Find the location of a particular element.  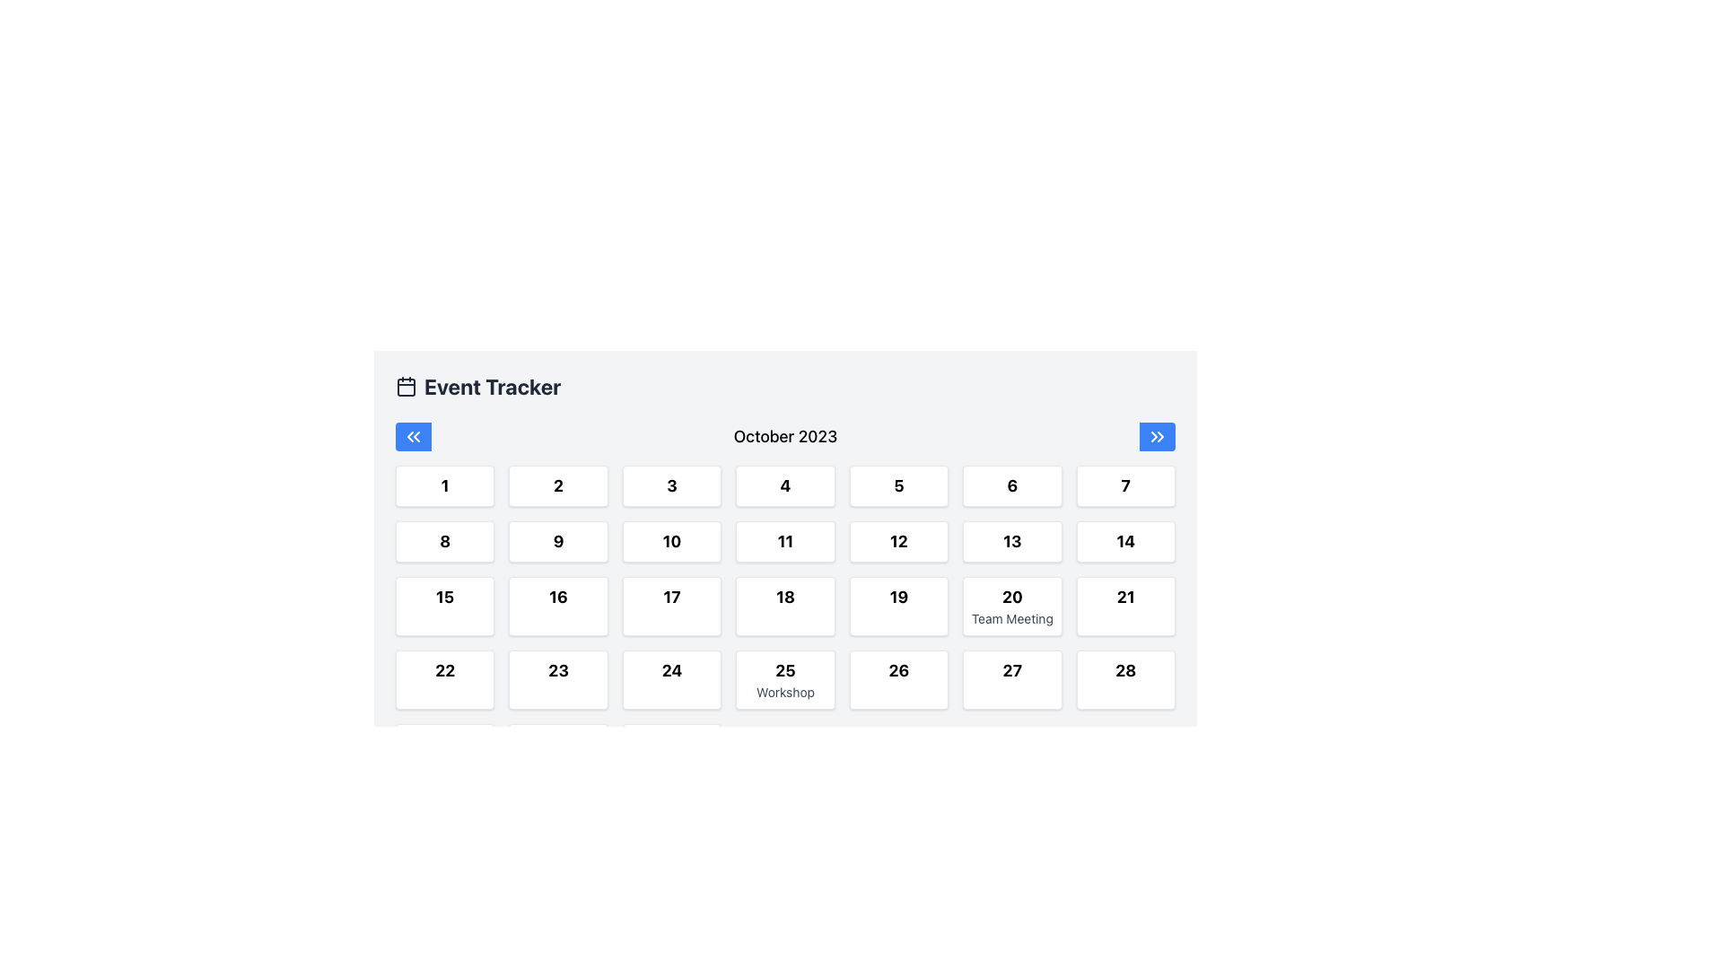

the text label representing a specific day number in the last row of the calendar grid, which is the sixth cell from the left is located at coordinates (1012, 671).